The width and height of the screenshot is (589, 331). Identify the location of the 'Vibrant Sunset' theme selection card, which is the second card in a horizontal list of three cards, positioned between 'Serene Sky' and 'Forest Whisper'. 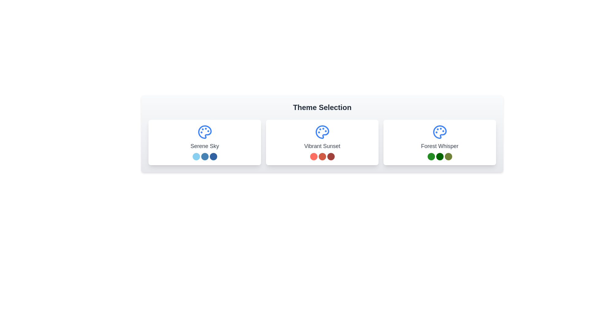
(322, 143).